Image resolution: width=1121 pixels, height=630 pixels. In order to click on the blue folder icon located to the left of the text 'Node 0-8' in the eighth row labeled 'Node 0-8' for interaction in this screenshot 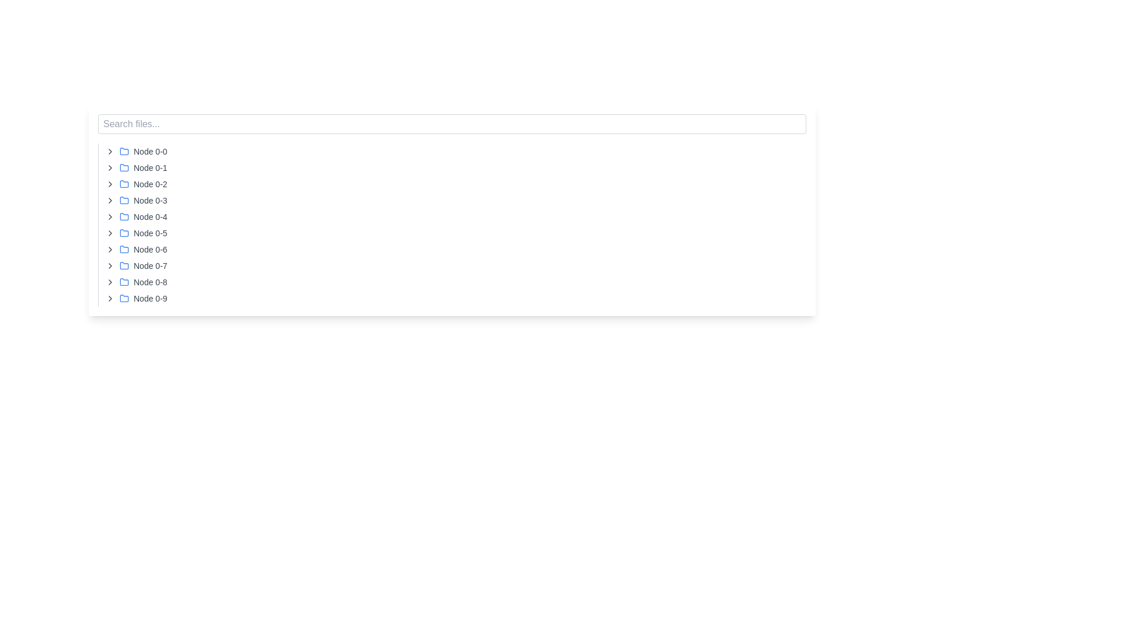, I will do `click(124, 282)`.